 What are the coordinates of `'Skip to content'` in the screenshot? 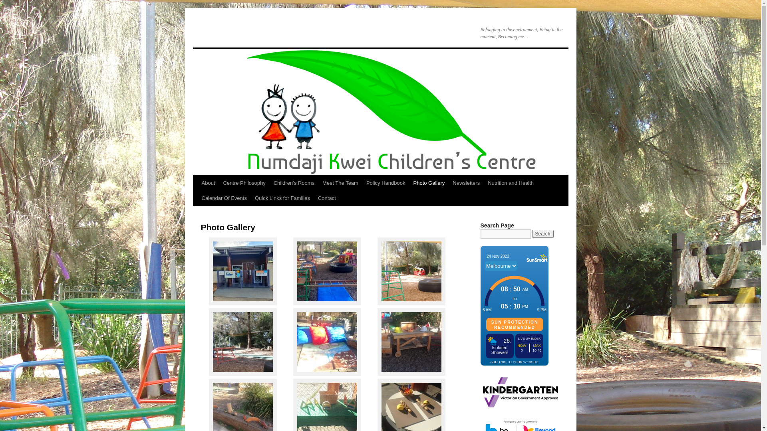 It's located at (196, 198).